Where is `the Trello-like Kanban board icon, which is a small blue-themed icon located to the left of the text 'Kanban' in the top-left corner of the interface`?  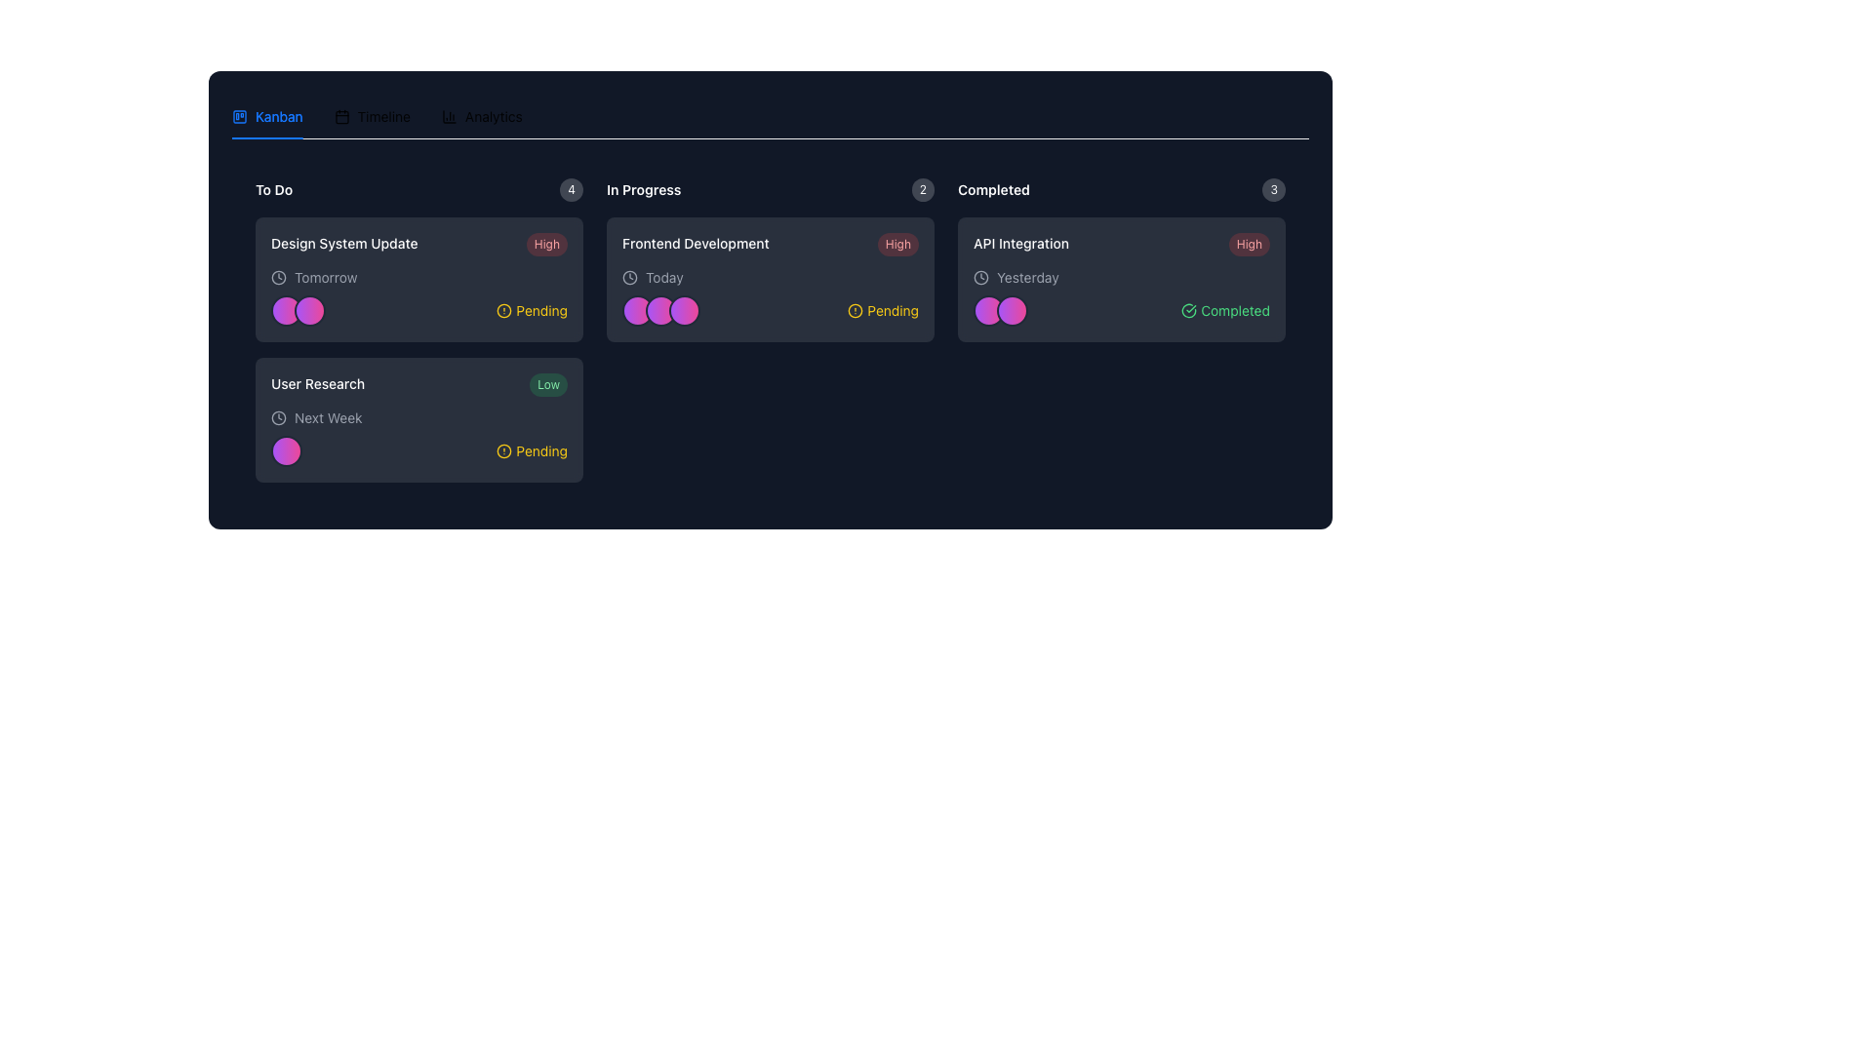
the Trello-like Kanban board icon, which is a small blue-themed icon located to the left of the text 'Kanban' in the top-left corner of the interface is located at coordinates (238, 116).